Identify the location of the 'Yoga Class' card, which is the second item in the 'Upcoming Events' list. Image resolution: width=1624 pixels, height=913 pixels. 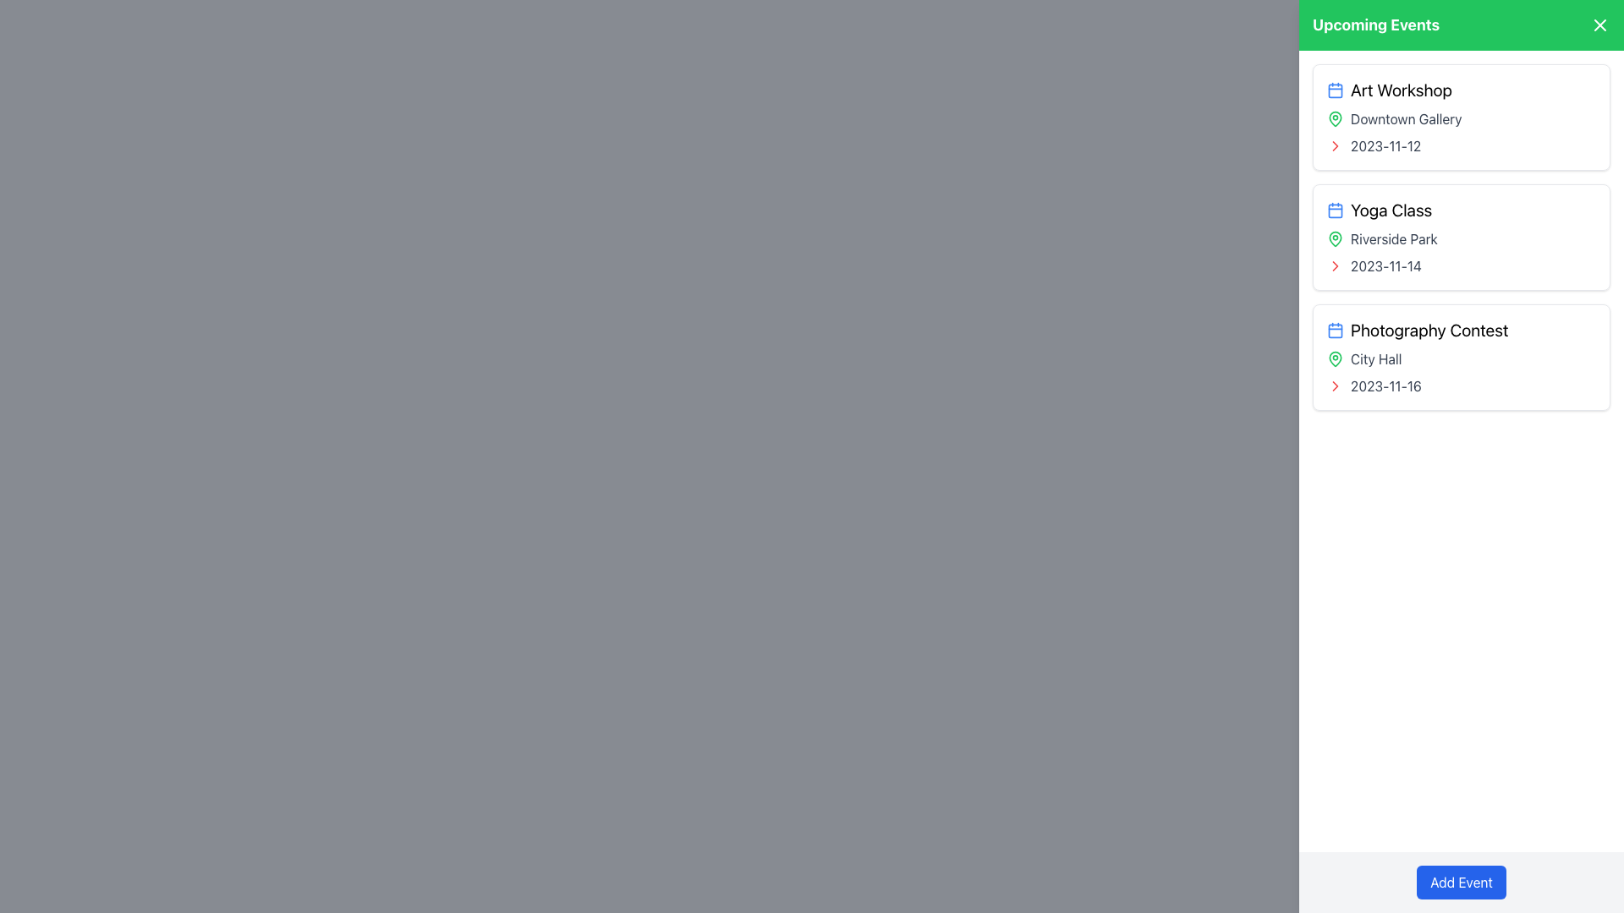
(1461, 238).